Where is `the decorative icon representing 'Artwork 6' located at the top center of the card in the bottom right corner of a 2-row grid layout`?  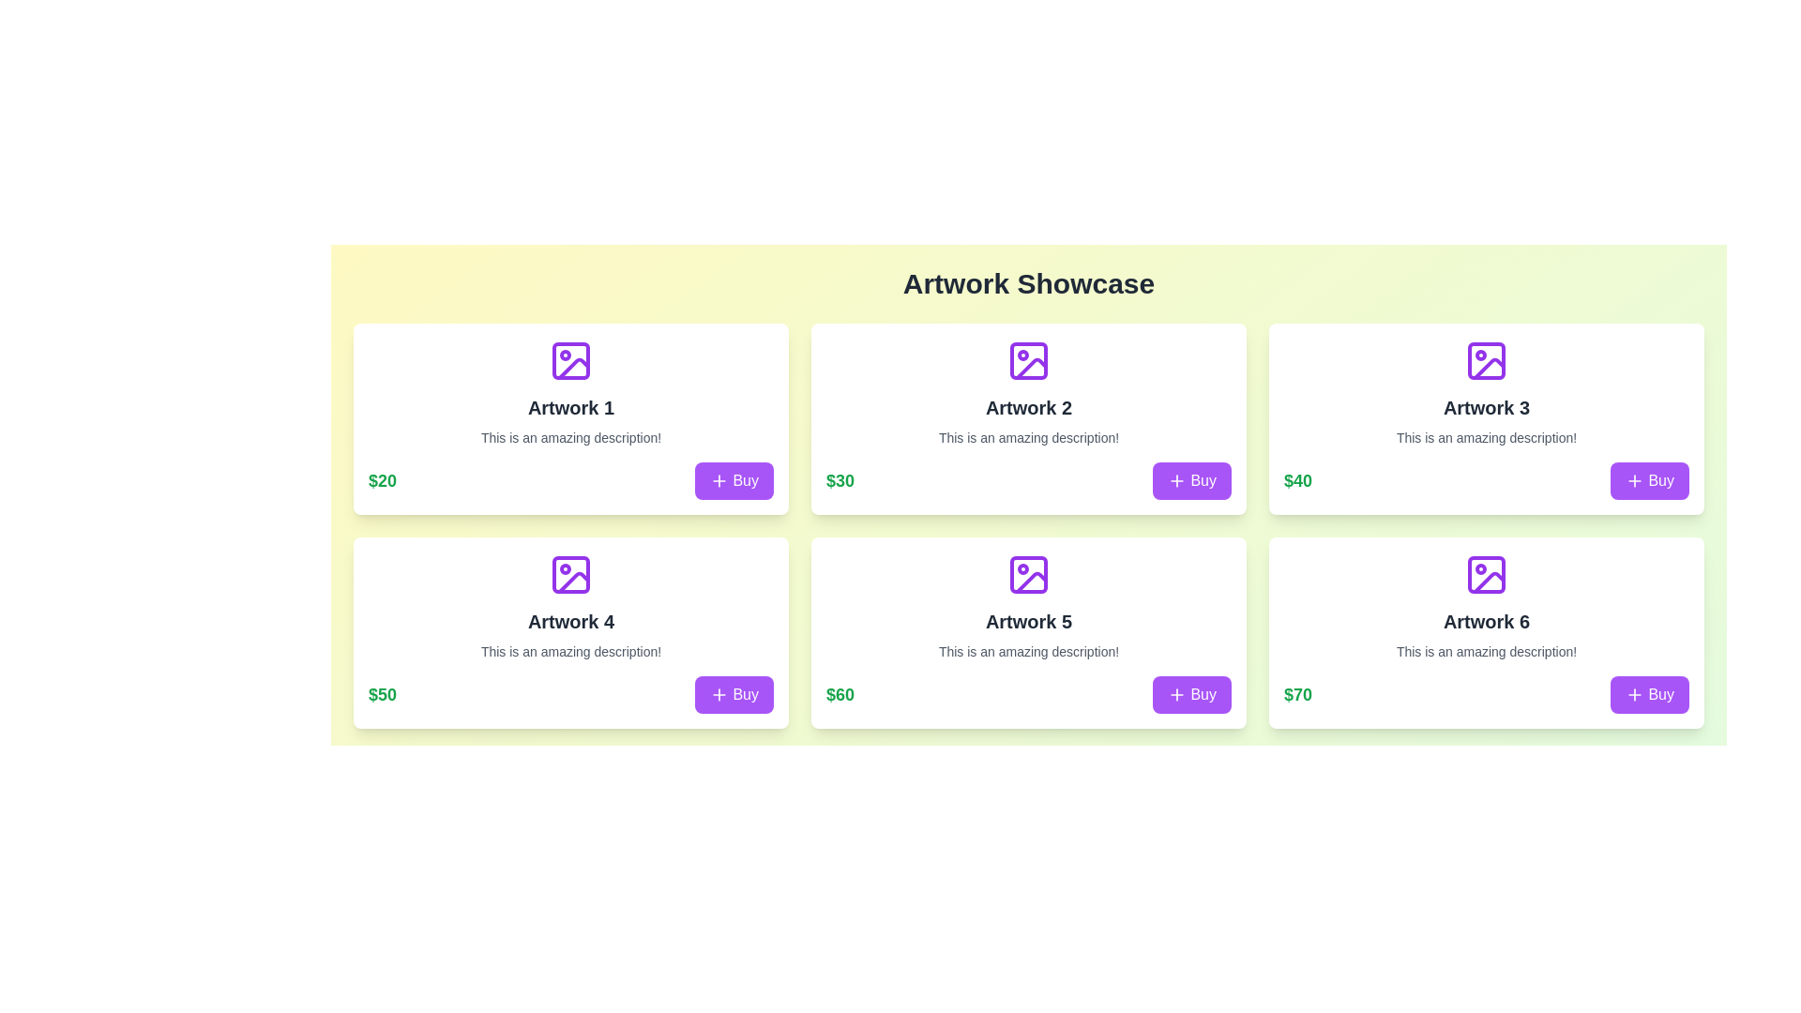
the decorative icon representing 'Artwork 6' located at the top center of the card in the bottom right corner of a 2-row grid layout is located at coordinates (1485, 574).